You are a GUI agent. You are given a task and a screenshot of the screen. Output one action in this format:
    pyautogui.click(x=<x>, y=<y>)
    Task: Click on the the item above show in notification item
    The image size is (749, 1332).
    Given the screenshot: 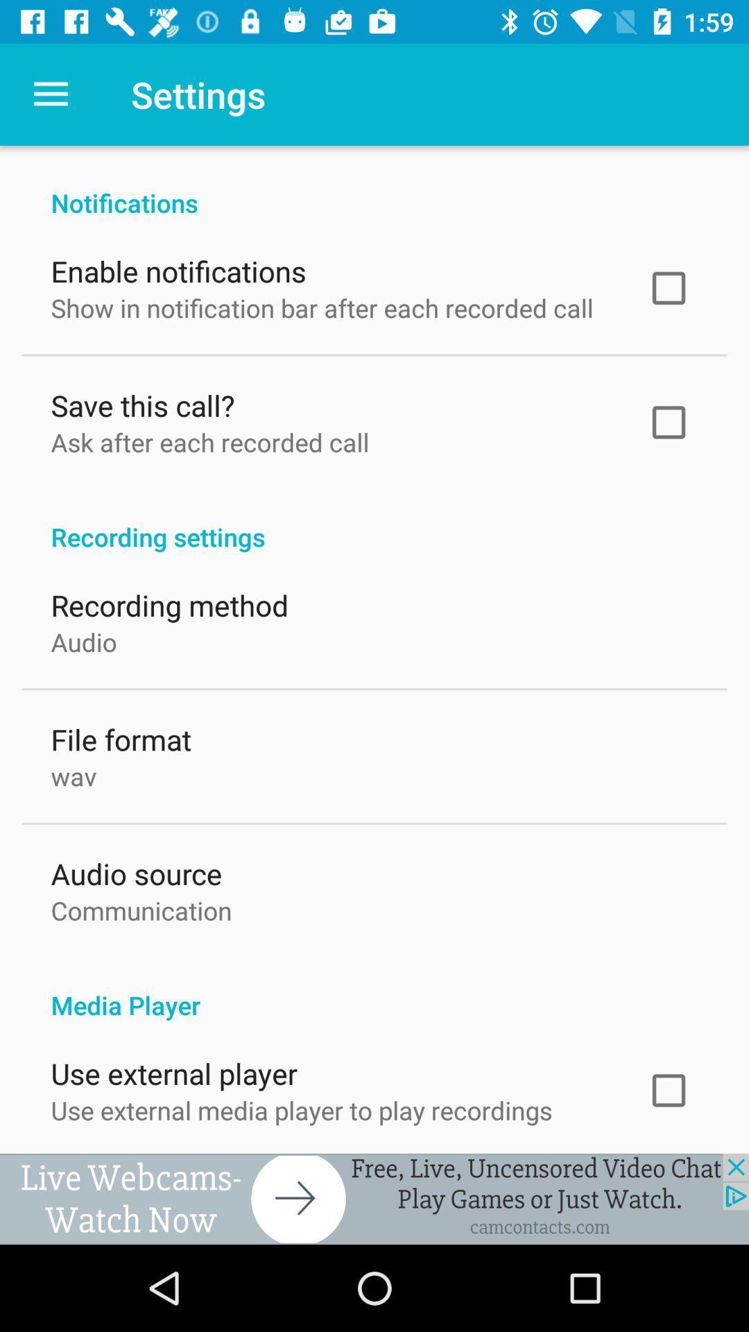 What is the action you would take?
    pyautogui.click(x=178, y=268)
    